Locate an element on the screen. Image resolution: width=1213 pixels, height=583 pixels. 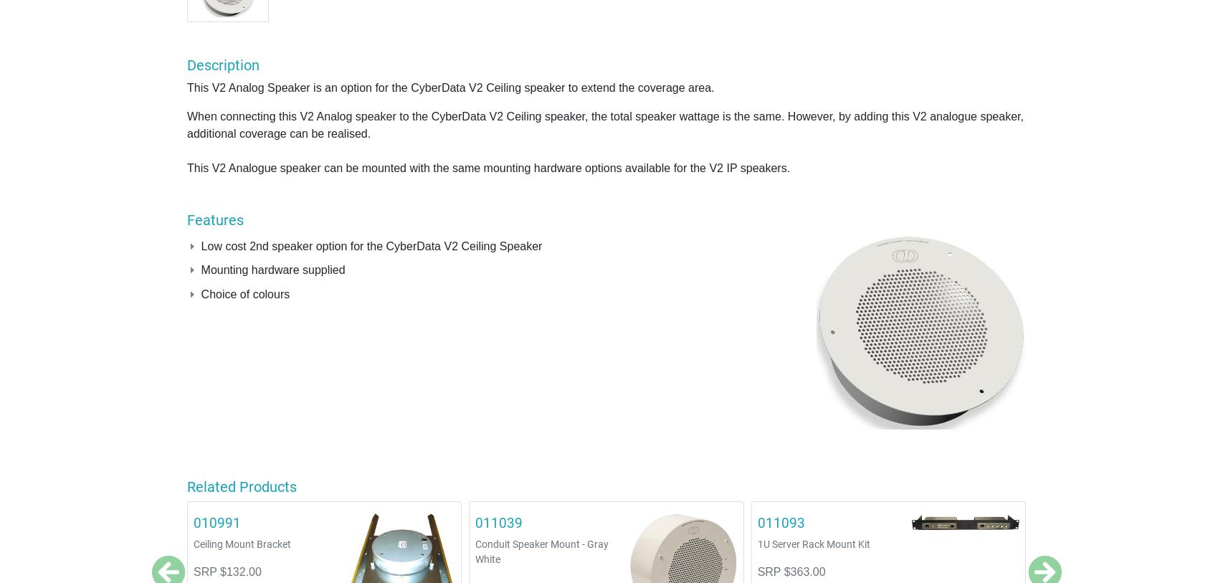
'VoIP to Multicast Paging Server V3' is located at coordinates (1108, 551).